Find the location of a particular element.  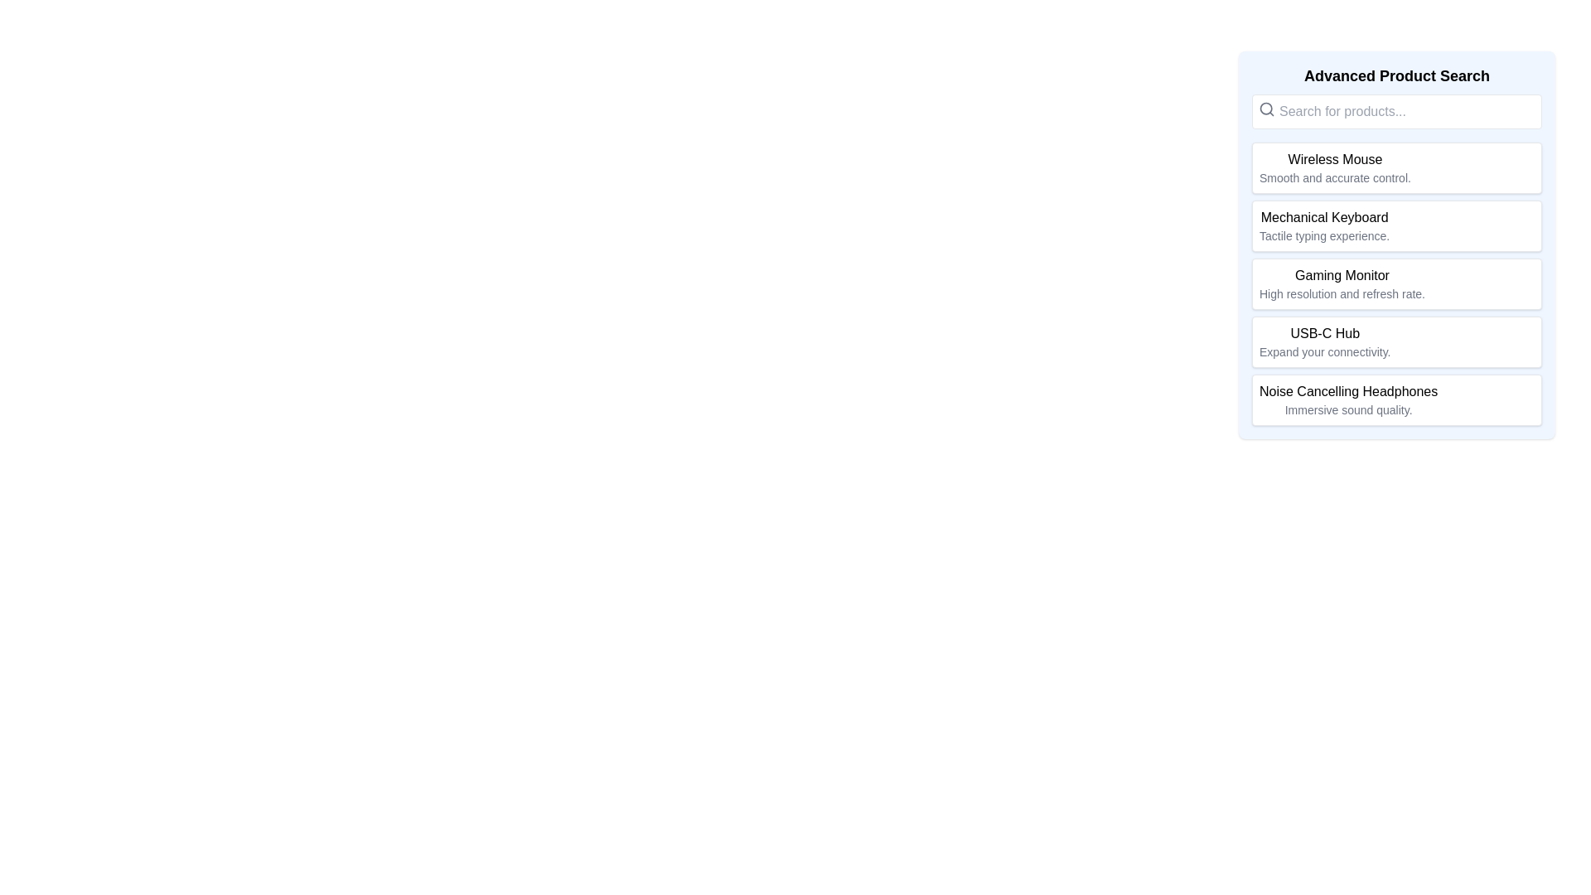

the text label that serves as the title for the product description, located as the second listed product in the 'Advanced Product Search' section, above the 'Gaming Monitor' item and below the 'Wireless Mouse' item is located at coordinates (1323, 216).